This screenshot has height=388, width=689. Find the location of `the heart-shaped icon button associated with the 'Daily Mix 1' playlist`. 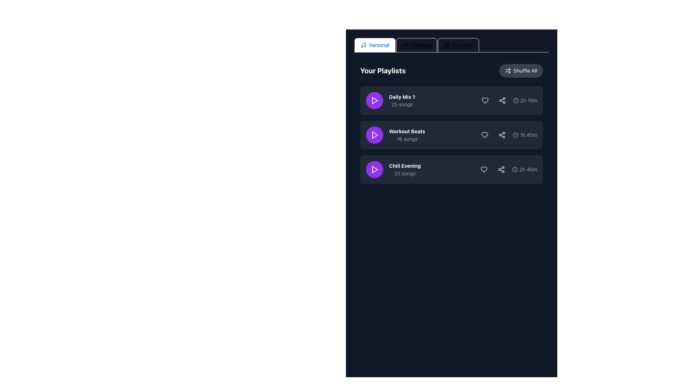

the heart-shaped icon button associated with the 'Daily Mix 1' playlist is located at coordinates (485, 101).